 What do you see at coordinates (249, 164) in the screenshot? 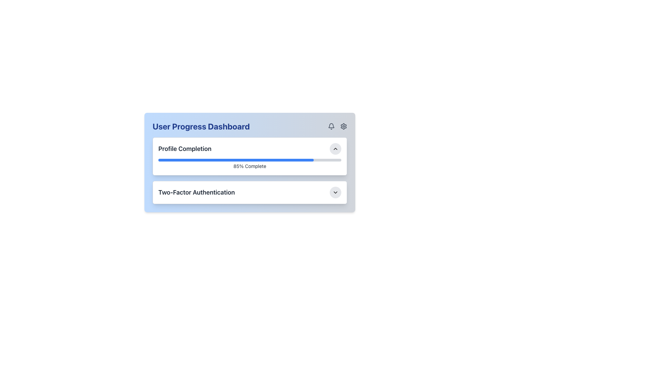
I see `the Progress bar indicating 85% completion within the 'Profile Completion' card in the 'User Progress Dashboard' interface` at bounding box center [249, 164].